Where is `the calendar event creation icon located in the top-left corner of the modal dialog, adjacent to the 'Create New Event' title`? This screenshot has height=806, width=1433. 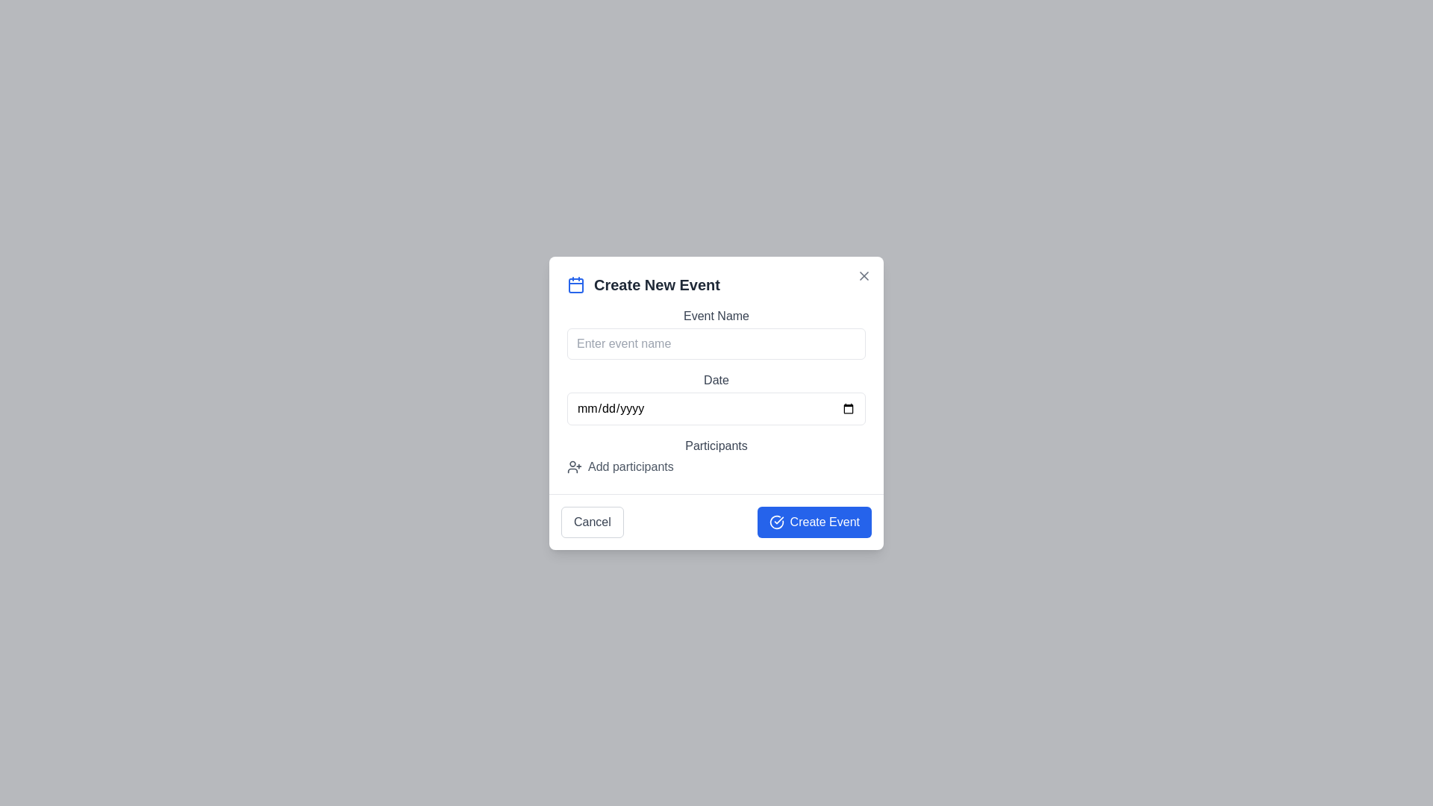
the calendar event creation icon located in the top-left corner of the modal dialog, adjacent to the 'Create New Event' title is located at coordinates (575, 284).